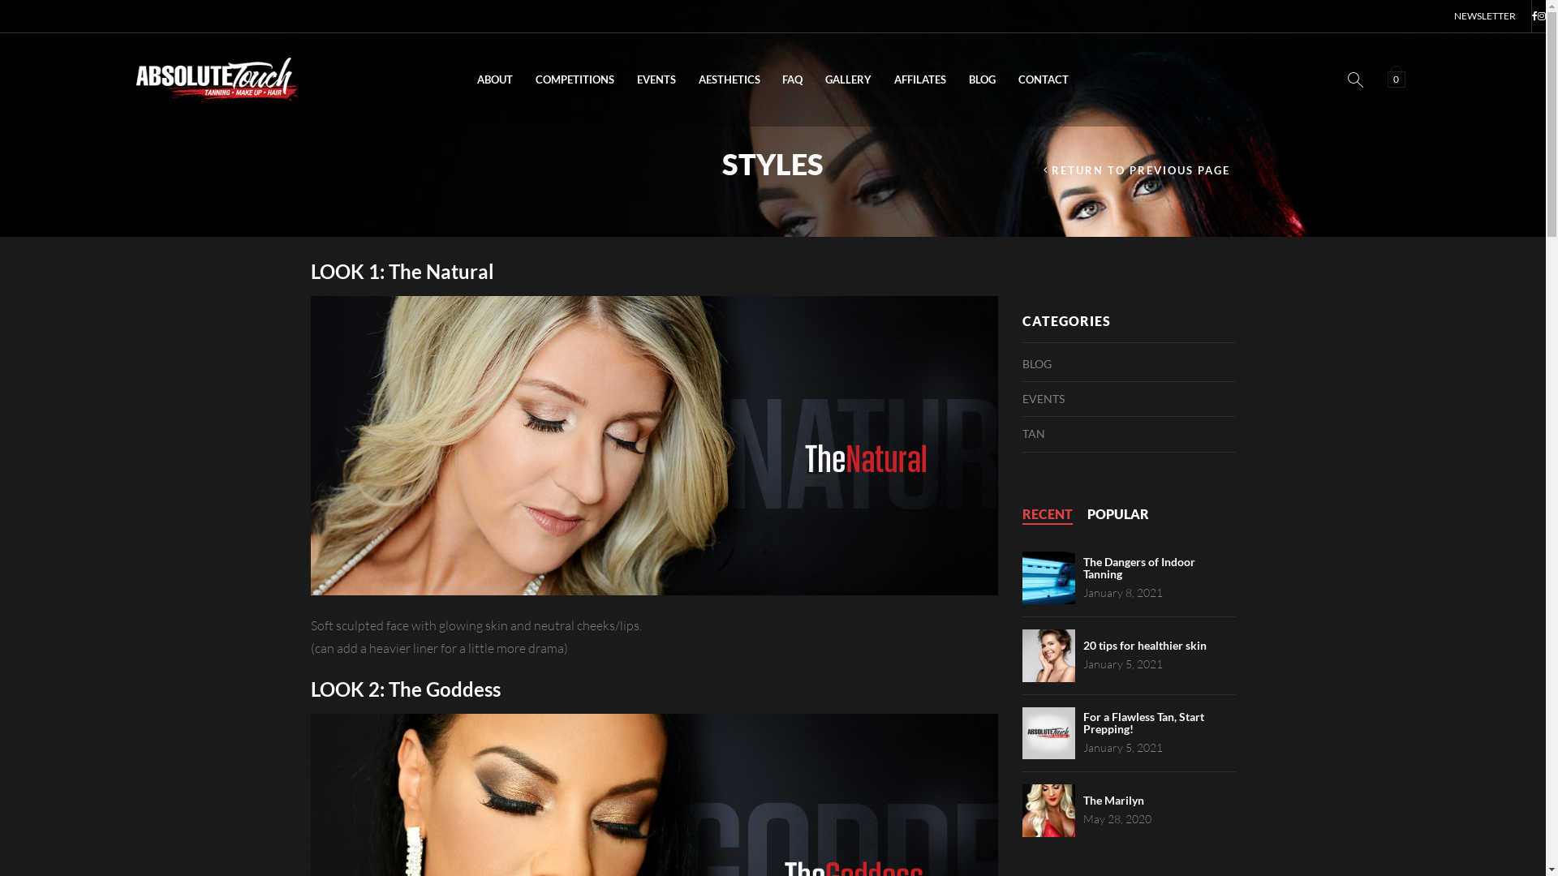  What do you see at coordinates (958, 79) in the screenshot?
I see `'BLOG'` at bounding box center [958, 79].